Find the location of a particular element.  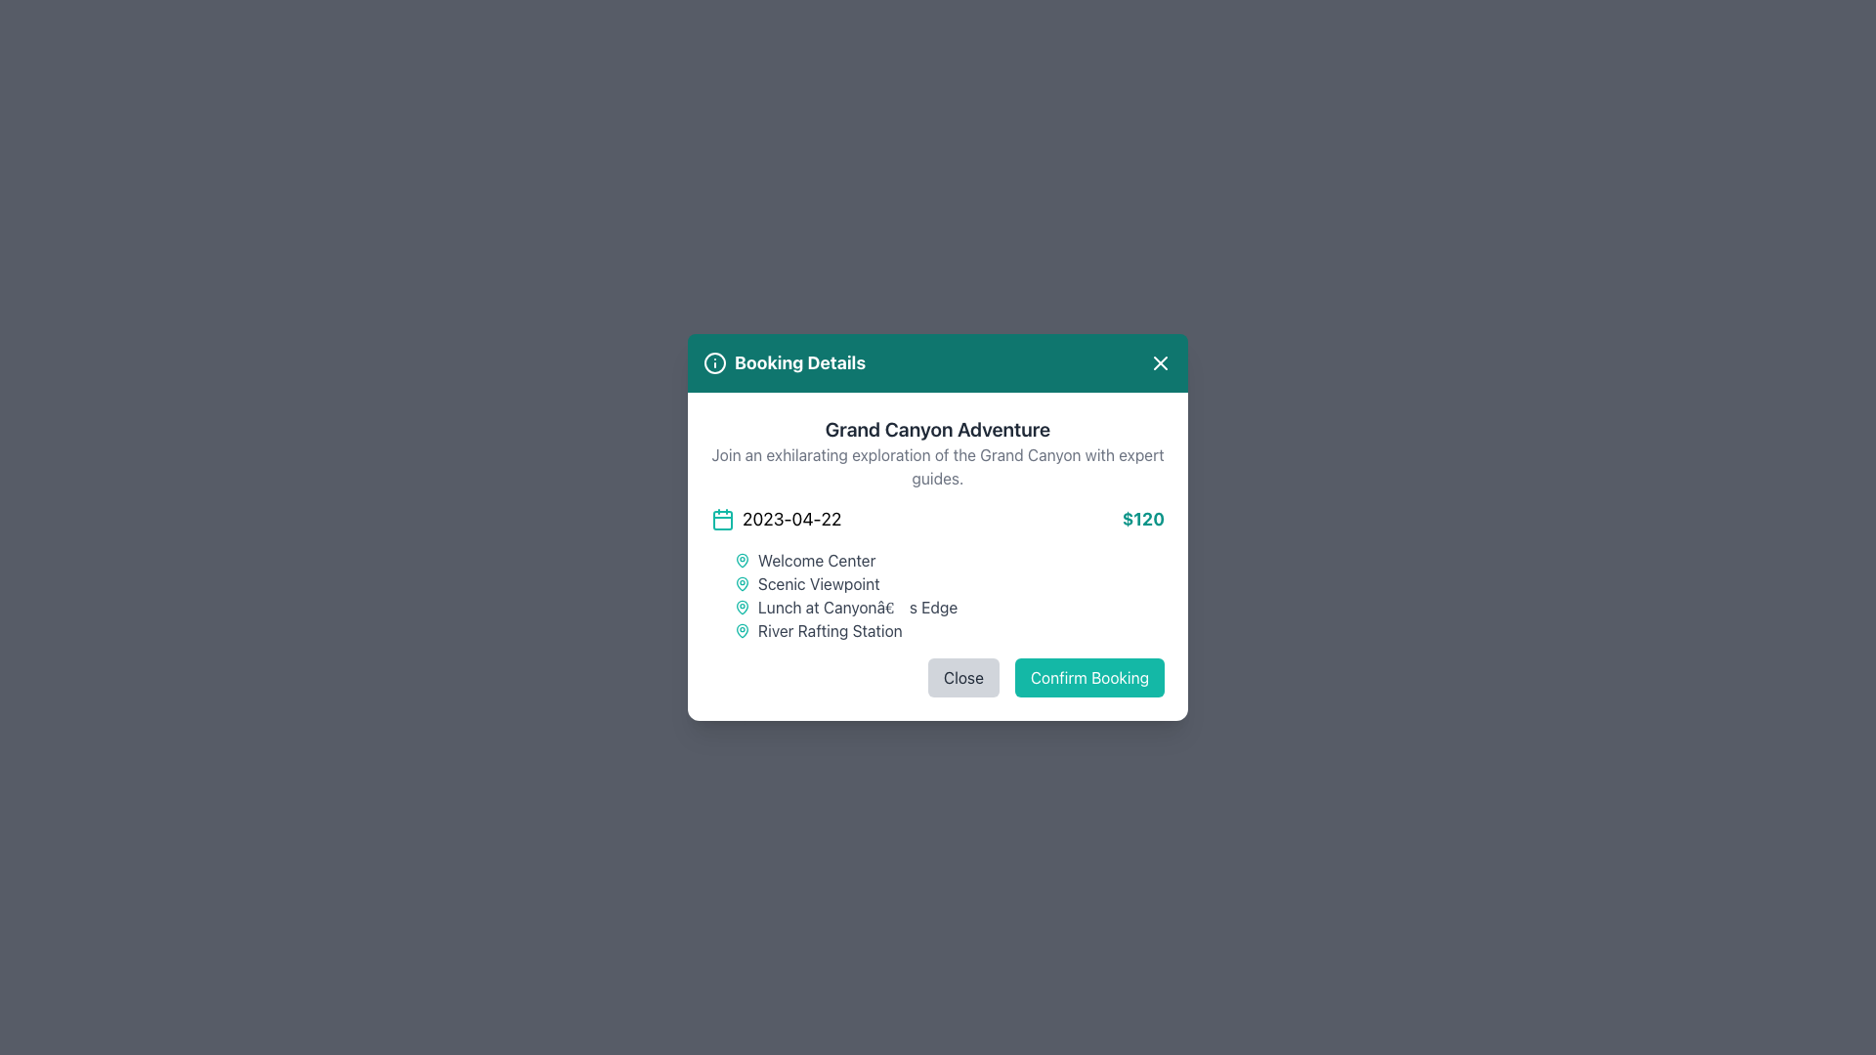

the static text label that conveys the booking date, located near the top of the booking details modal dialog, next to the calendar icon is located at coordinates (791, 519).